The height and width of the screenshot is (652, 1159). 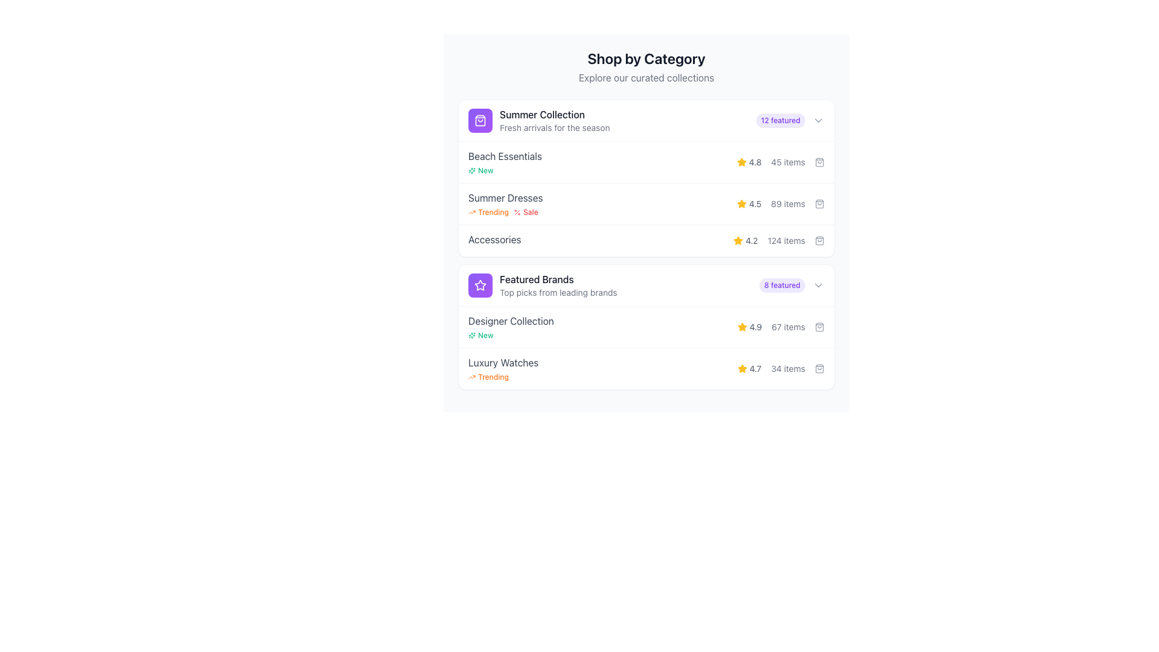 What do you see at coordinates (819, 121) in the screenshot?
I see `the chevron icon located adjacent to the '12 featured' badge in the 'Summer Collection' section` at bounding box center [819, 121].